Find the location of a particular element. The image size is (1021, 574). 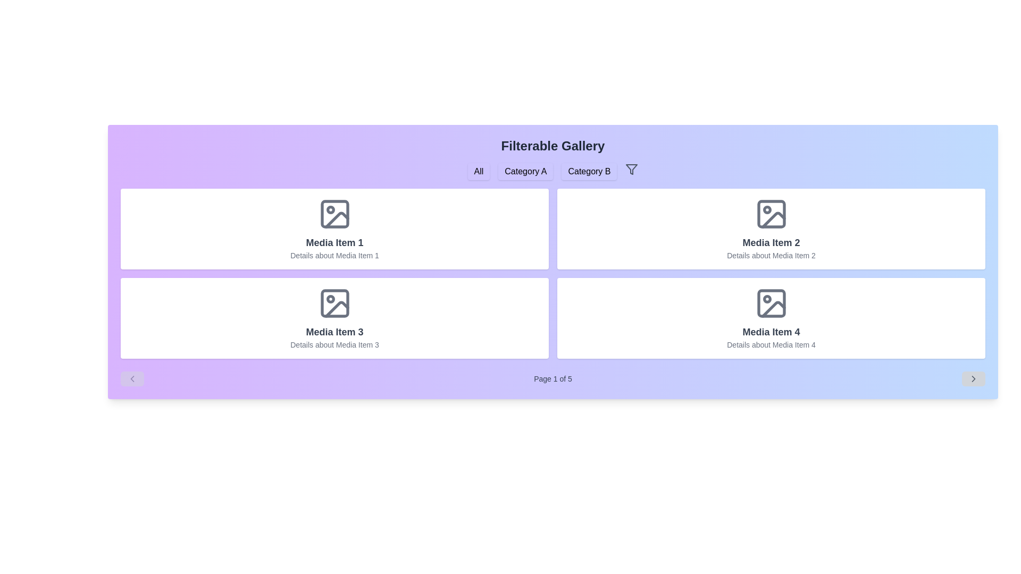

the filter icon located in the navigation toolbar of the gallery, which is the last icon among the filter category buttons is located at coordinates (632, 169).